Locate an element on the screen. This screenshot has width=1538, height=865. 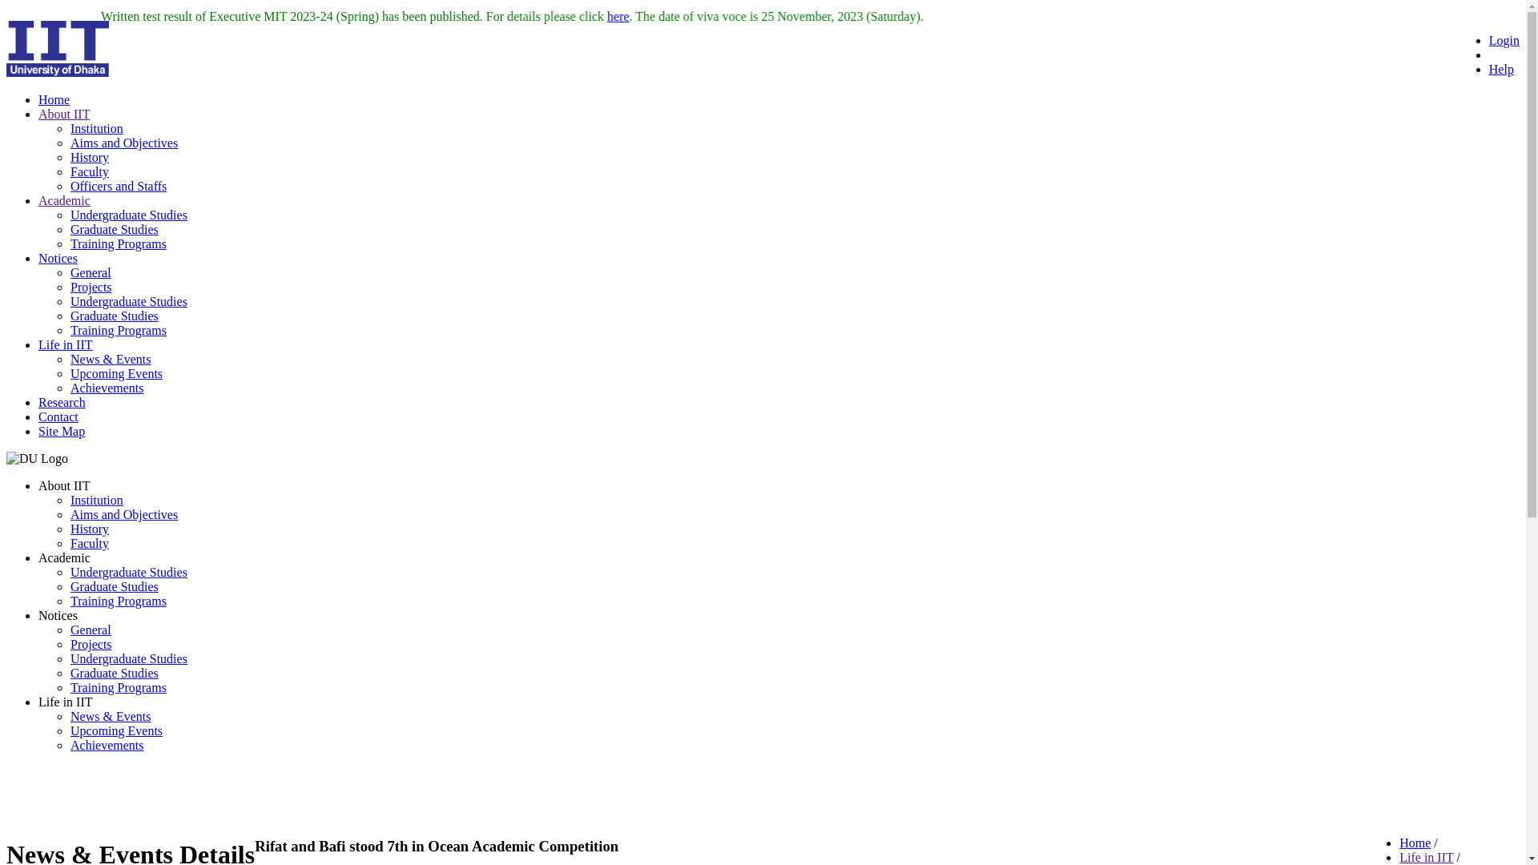
'General' is located at coordinates (90, 629).